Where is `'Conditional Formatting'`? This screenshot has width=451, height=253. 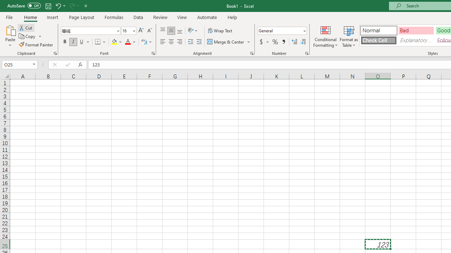
'Conditional Formatting' is located at coordinates (325, 36).